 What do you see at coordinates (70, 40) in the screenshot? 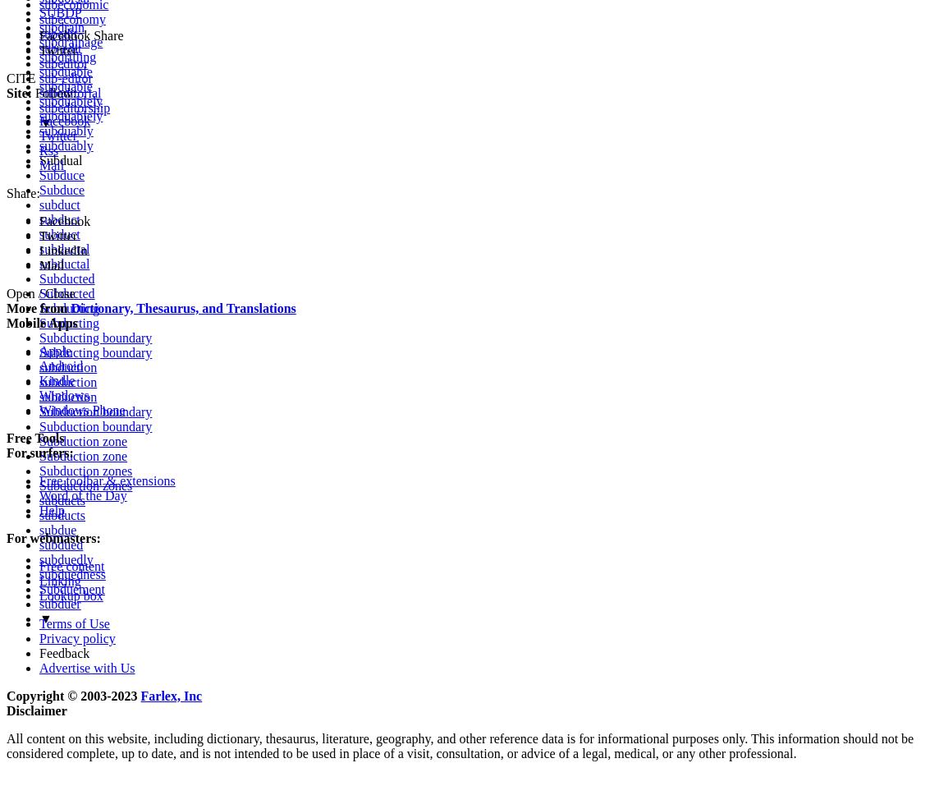
I see `'subdrainage'` at bounding box center [70, 40].